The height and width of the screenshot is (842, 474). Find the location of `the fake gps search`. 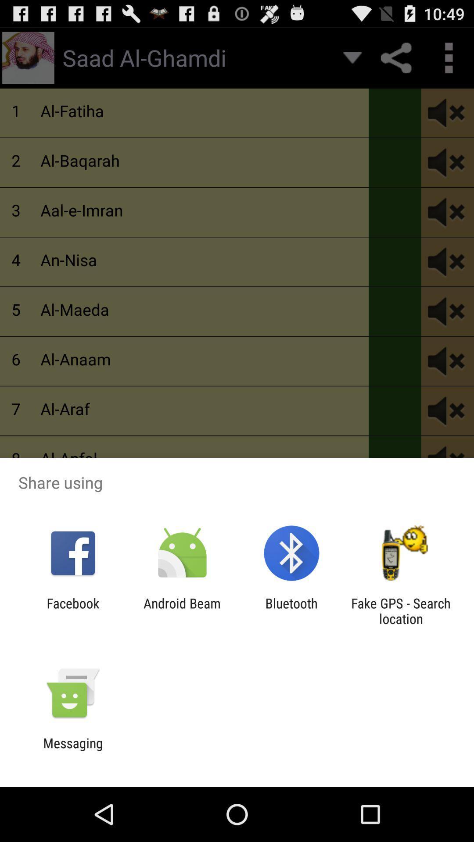

the fake gps search is located at coordinates (401, 610).